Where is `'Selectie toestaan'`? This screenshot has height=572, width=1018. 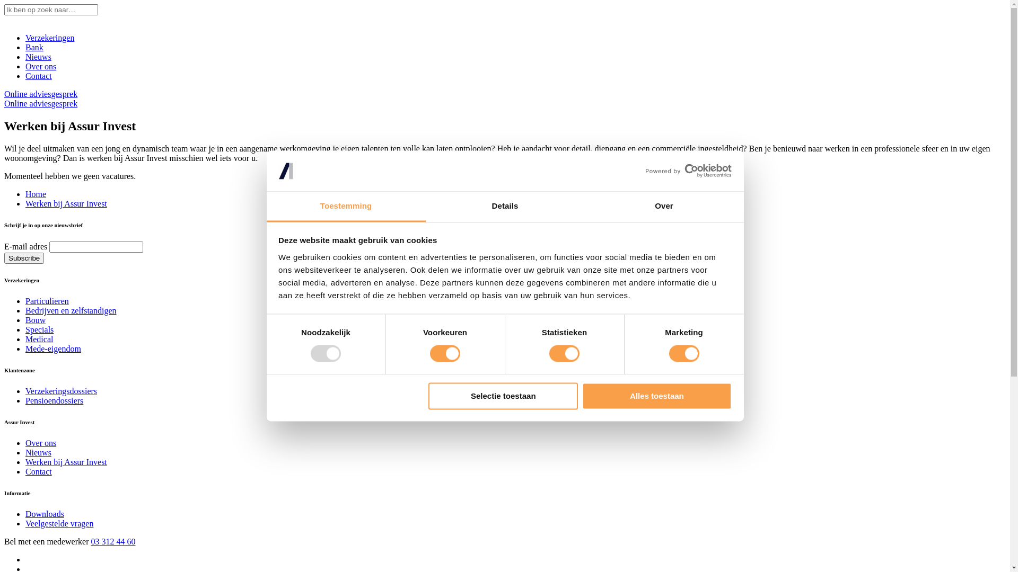
'Selectie toestaan' is located at coordinates (503, 396).